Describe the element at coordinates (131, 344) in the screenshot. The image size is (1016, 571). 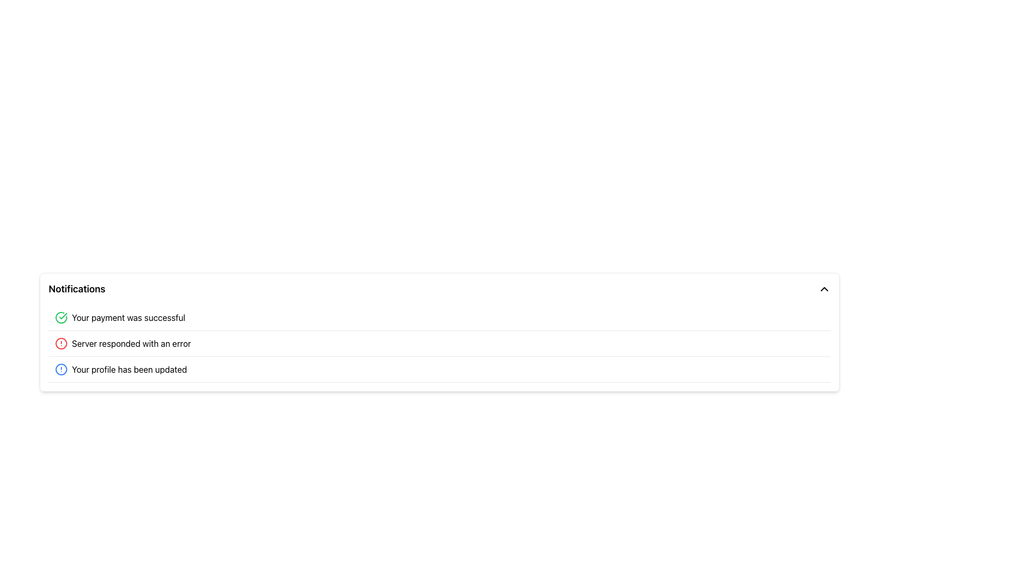
I see `the text label that reads 'Server responded with an error.' located in the notification bar, which is styled in black and positioned between a red alert icon and a blue info icon` at that location.